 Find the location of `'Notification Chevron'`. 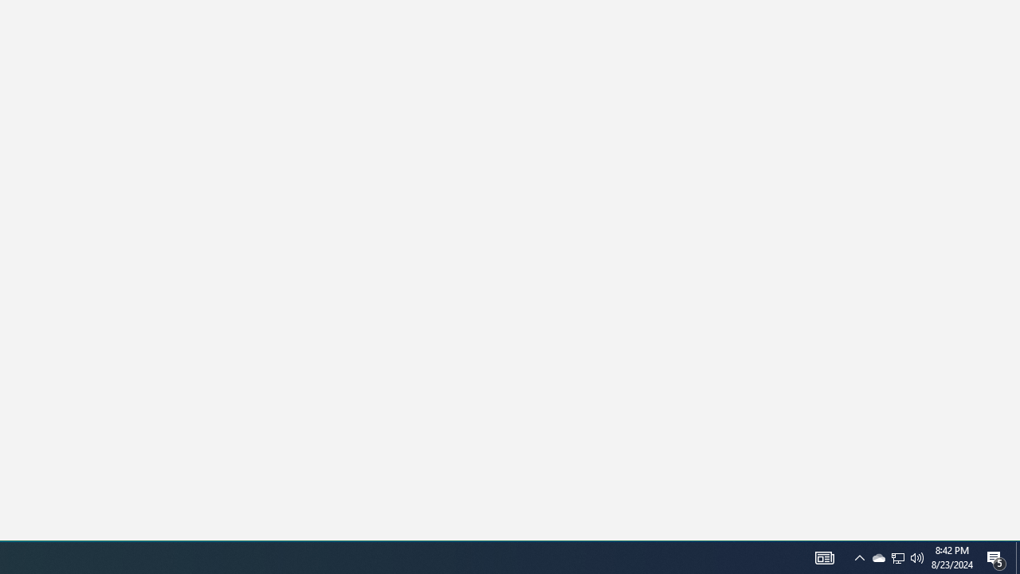

'Notification Chevron' is located at coordinates (859, 556).